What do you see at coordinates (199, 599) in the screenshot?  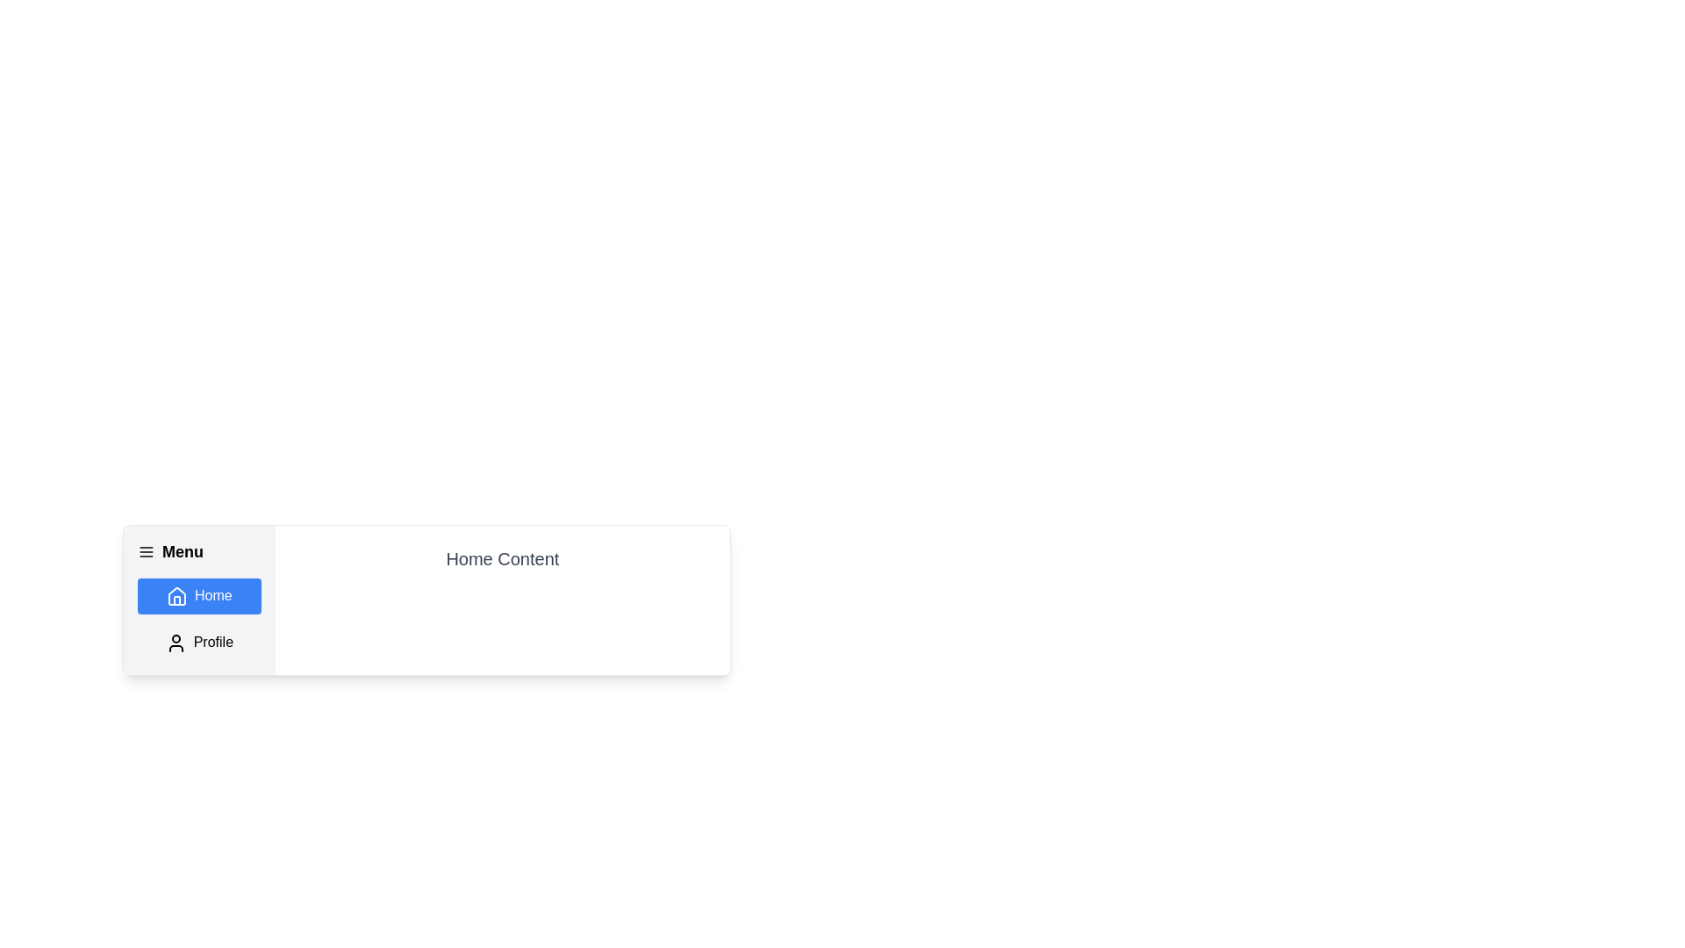 I see `the Sidebar navigation menu which has a light gray background and contains the 'Menu' header, 'Home' button, and 'Profile' option` at bounding box center [199, 599].